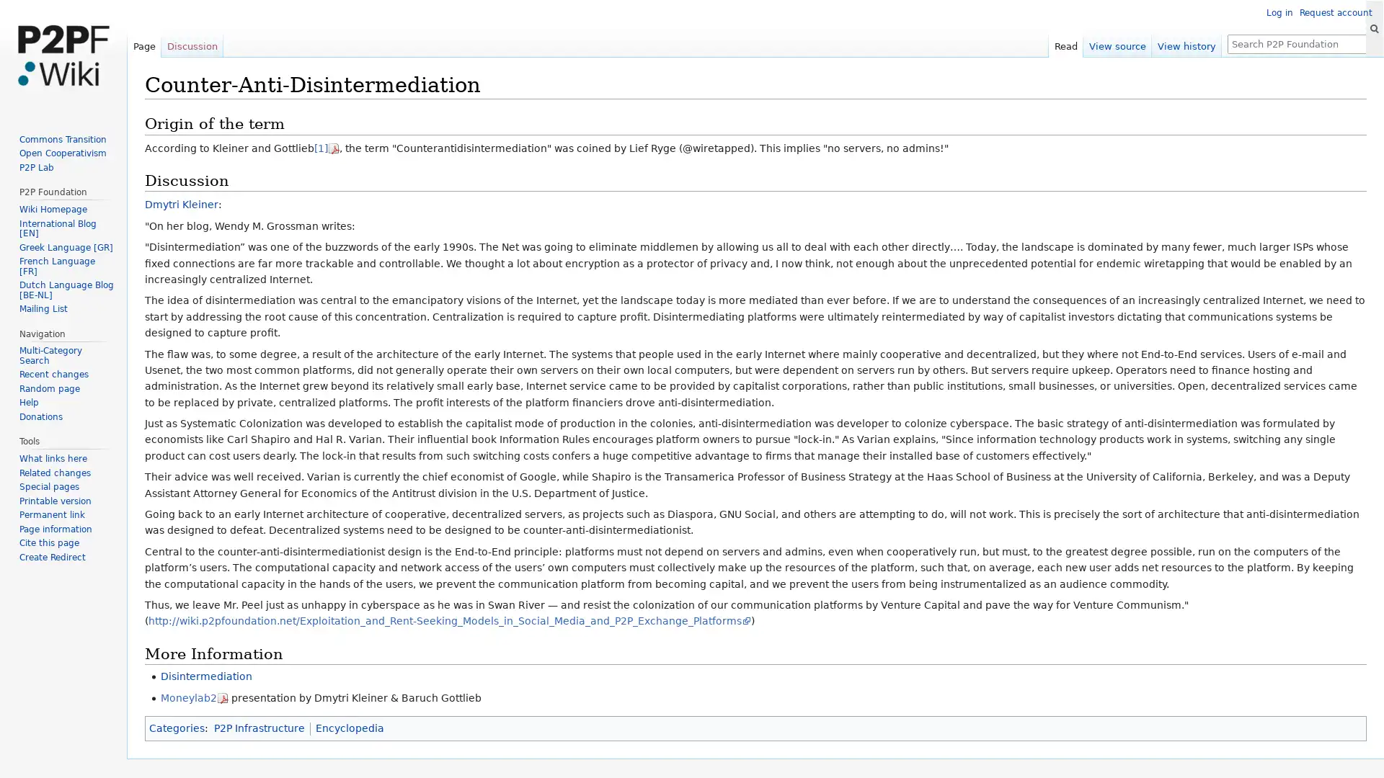 The width and height of the screenshot is (1384, 778). What do you see at coordinates (1373, 28) in the screenshot?
I see `Go` at bounding box center [1373, 28].